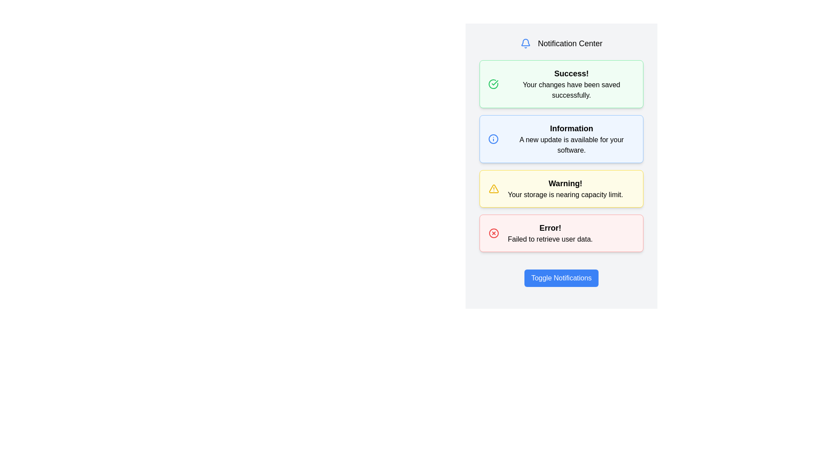 Image resolution: width=837 pixels, height=471 pixels. Describe the element at coordinates (561, 139) in the screenshot. I see `information provided in the second notification card with a blue background that contains the title 'Information' and the message 'A new update is available for your software.'` at that location.